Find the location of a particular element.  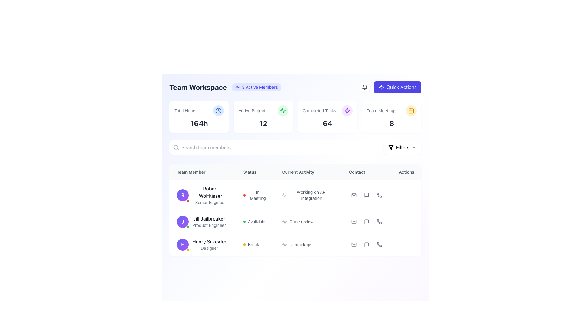

the filter dropdown button located in the top-right corner of the interface is located at coordinates (402, 147).